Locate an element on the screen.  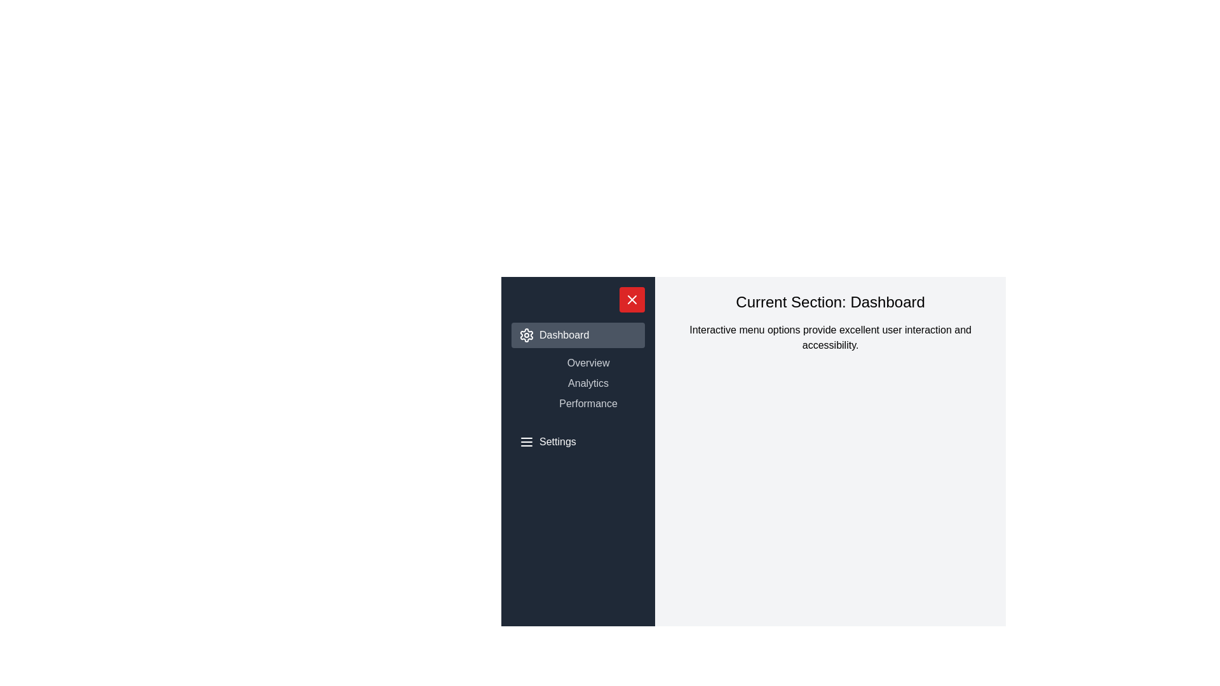
the text block providing descriptive information about the menu options, located below the heading 'Current Section: Dashboard' is located at coordinates (830, 337).